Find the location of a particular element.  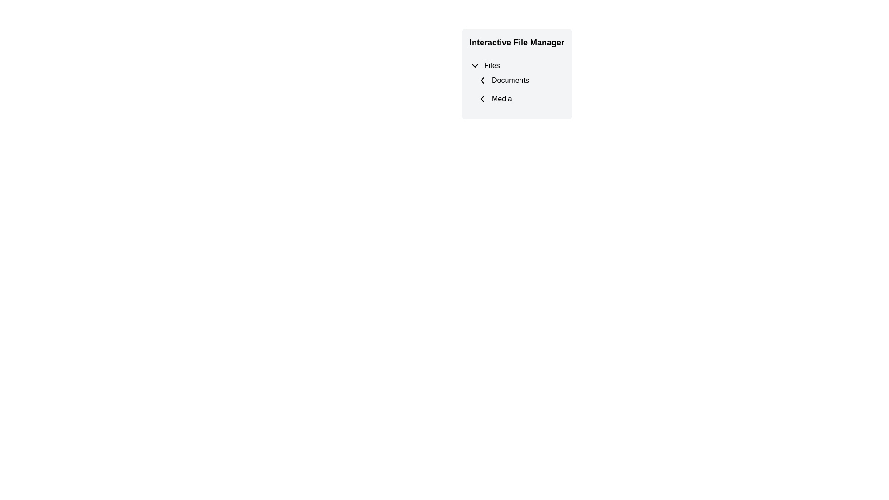

the 'Documents' navigation item, which is a textual entry styled in black within the 'Interactive File Manager' panel is located at coordinates (520, 80).